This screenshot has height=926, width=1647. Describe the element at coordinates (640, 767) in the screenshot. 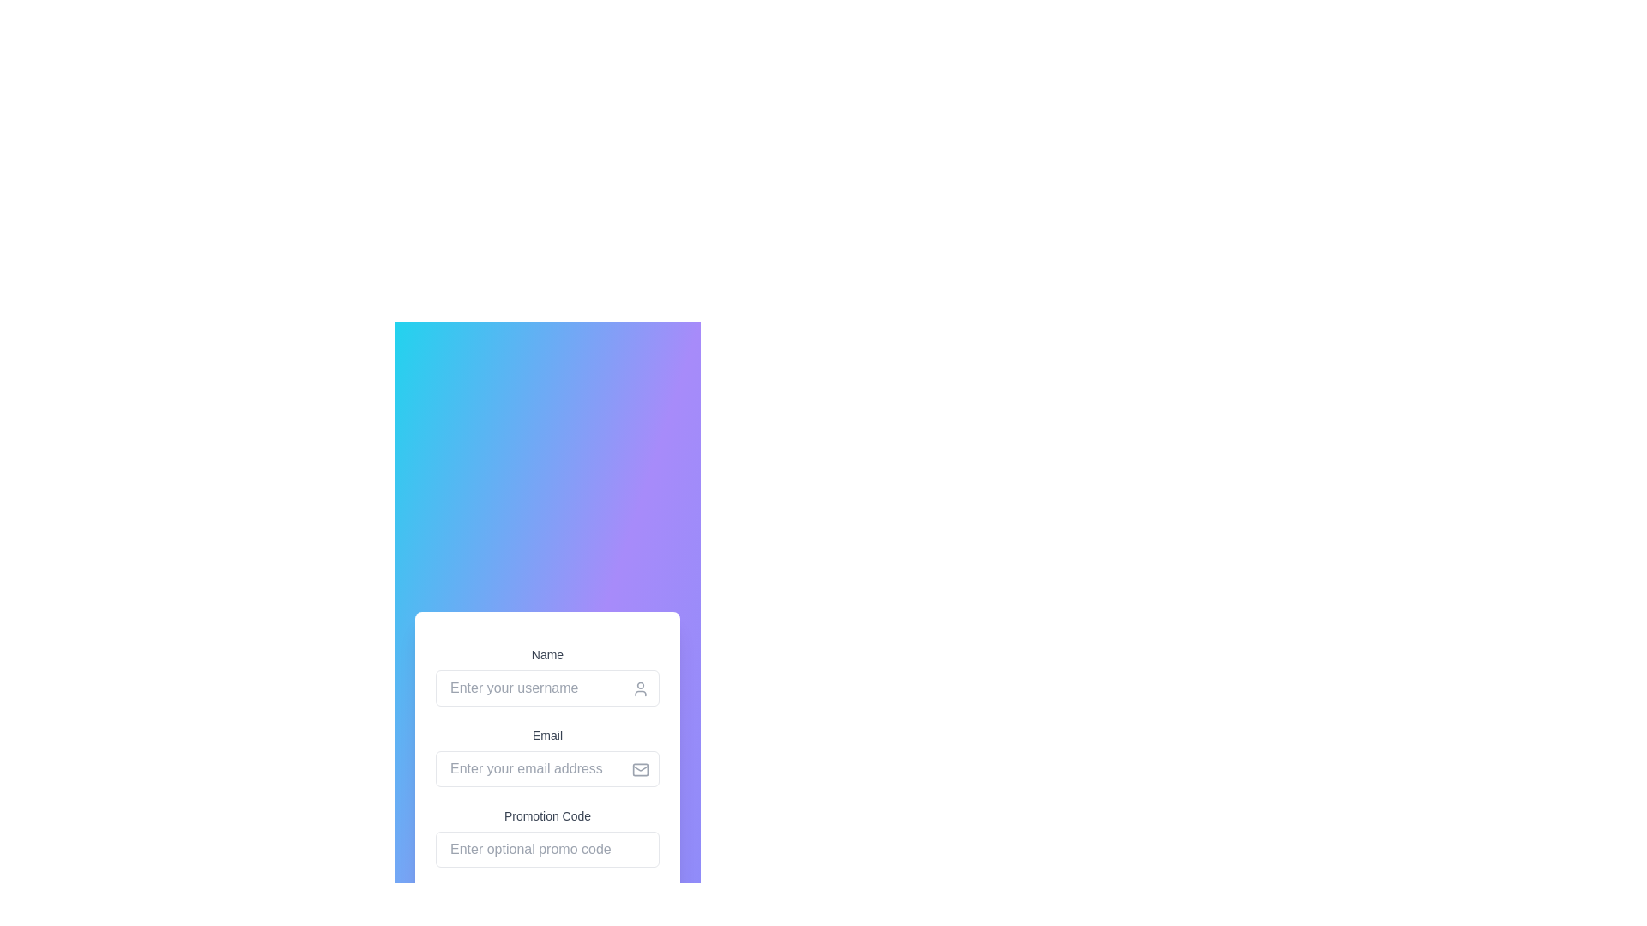

I see `the email icon located in the top-right area of the form section, which serves as a visual representation for email correspondence` at that location.